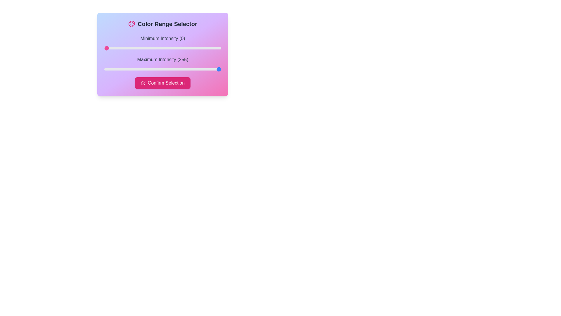  Describe the element at coordinates (121, 48) in the screenshot. I see `the slider to set the intensity to 37` at that location.